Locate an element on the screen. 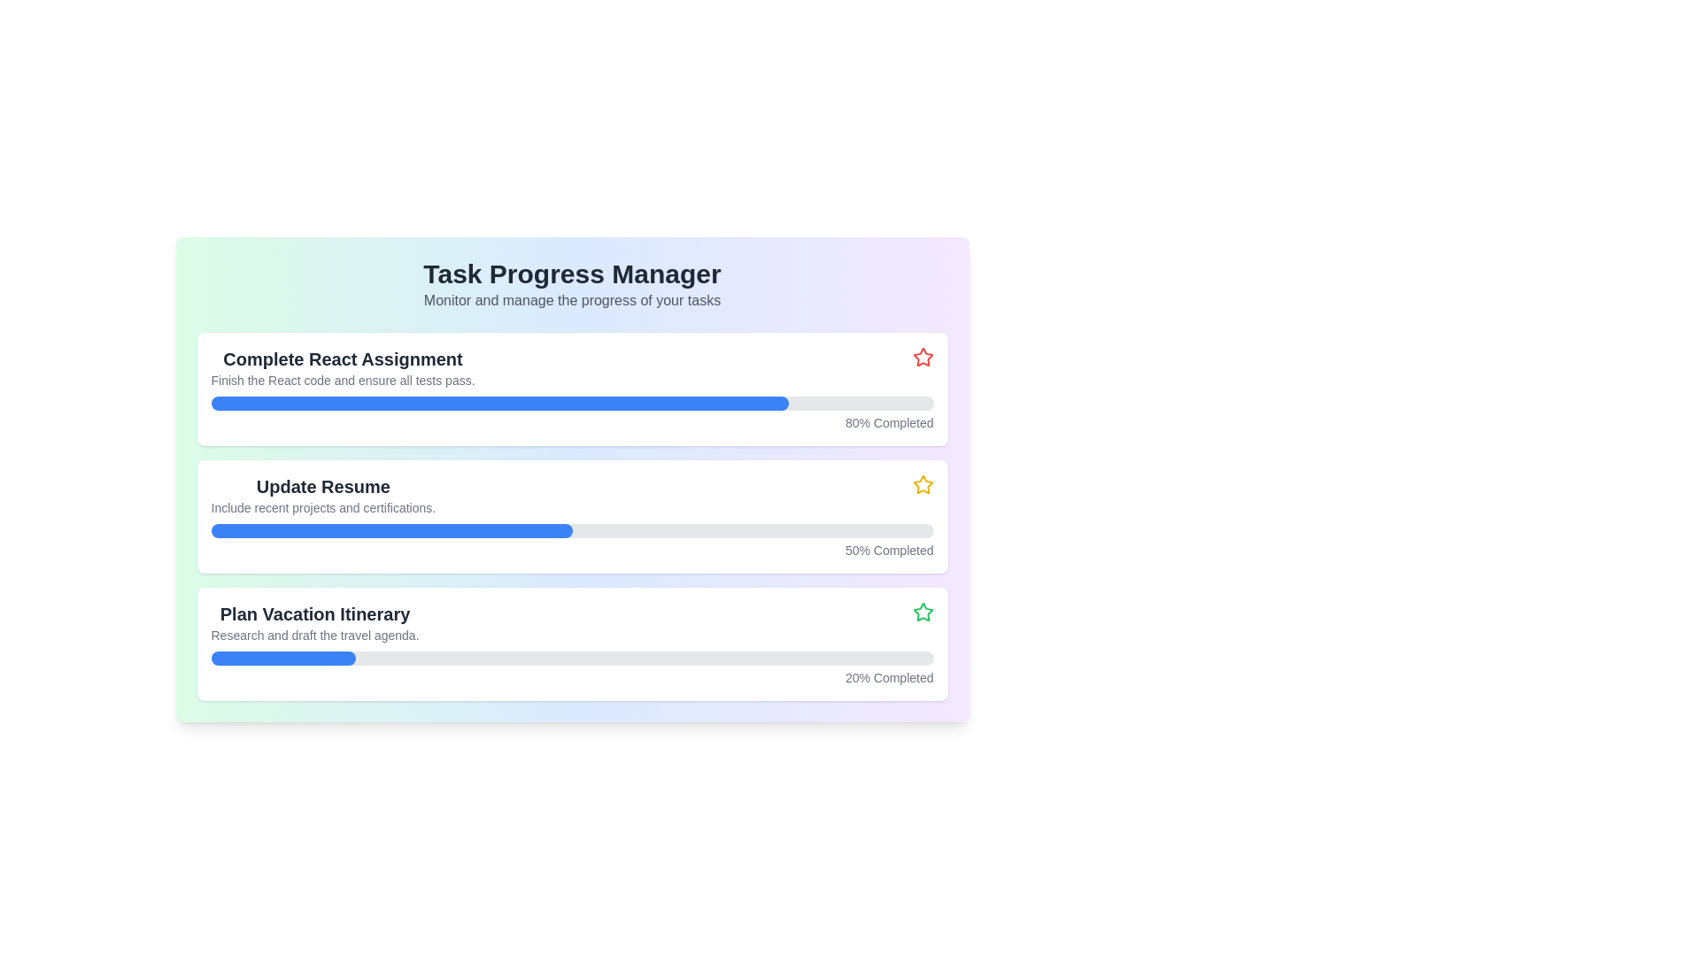 Image resolution: width=1700 pixels, height=956 pixels. the 'Task Progress Manager' text element, which is prominently displayed at the top-center of the page is located at coordinates (572, 274).